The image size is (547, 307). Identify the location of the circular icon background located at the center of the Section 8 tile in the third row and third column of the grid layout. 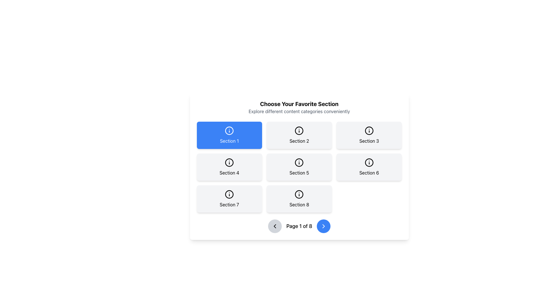
(299, 194).